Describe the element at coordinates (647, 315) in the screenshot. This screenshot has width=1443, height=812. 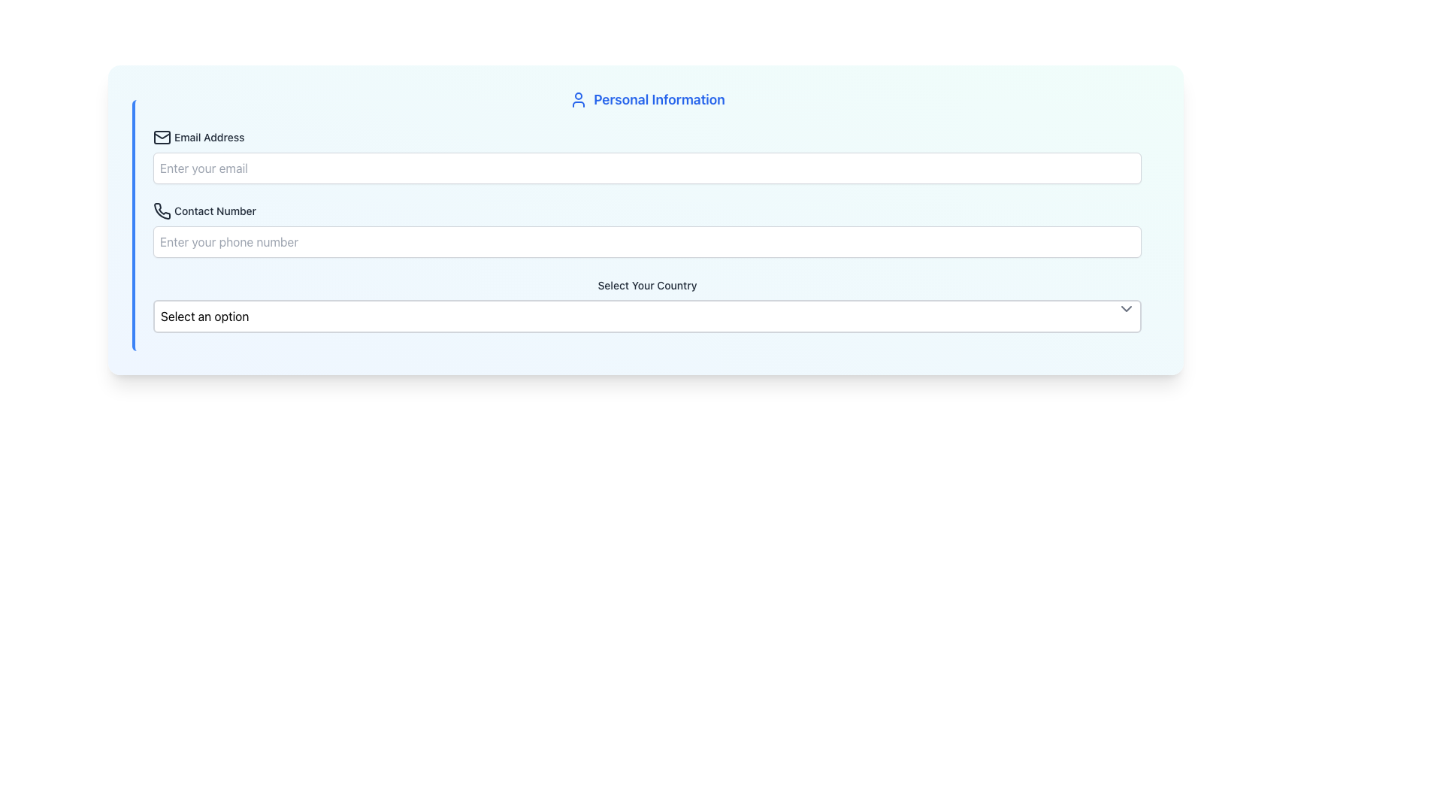
I see `an option from the 'Select Your Country' dropdown menu located below the label 'Select Your Country' by clicking on it` at that location.